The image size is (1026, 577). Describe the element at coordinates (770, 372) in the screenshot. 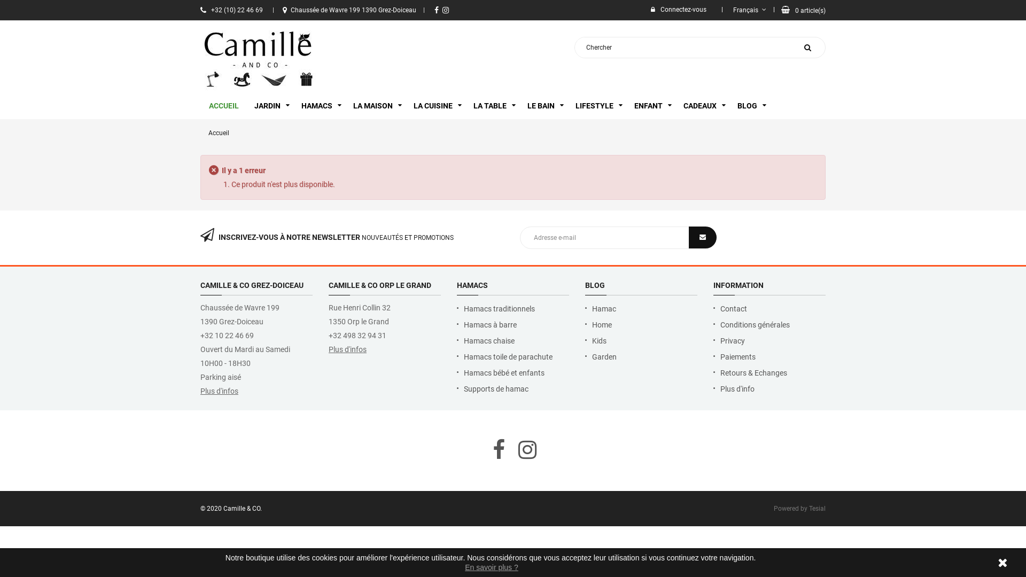

I see `'Retours & Echanges'` at that location.